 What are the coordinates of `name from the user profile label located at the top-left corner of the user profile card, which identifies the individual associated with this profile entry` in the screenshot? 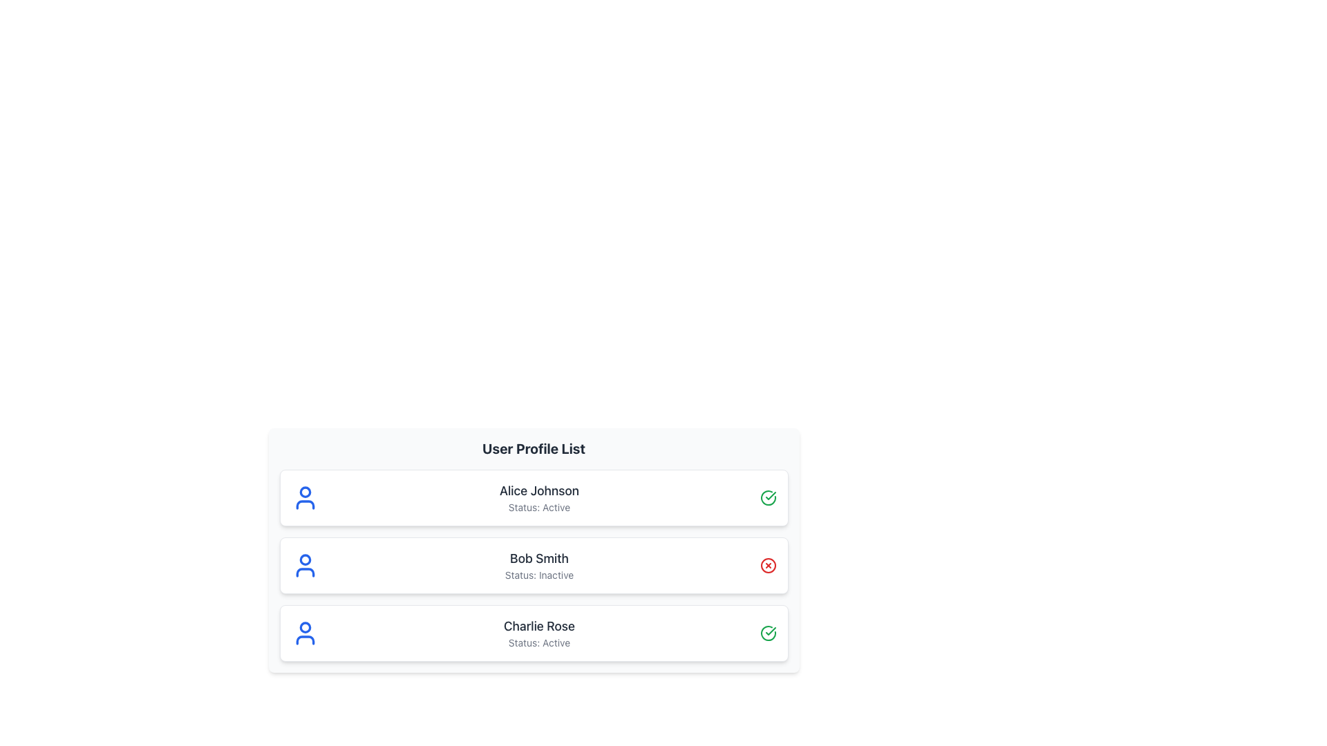 It's located at (538, 490).